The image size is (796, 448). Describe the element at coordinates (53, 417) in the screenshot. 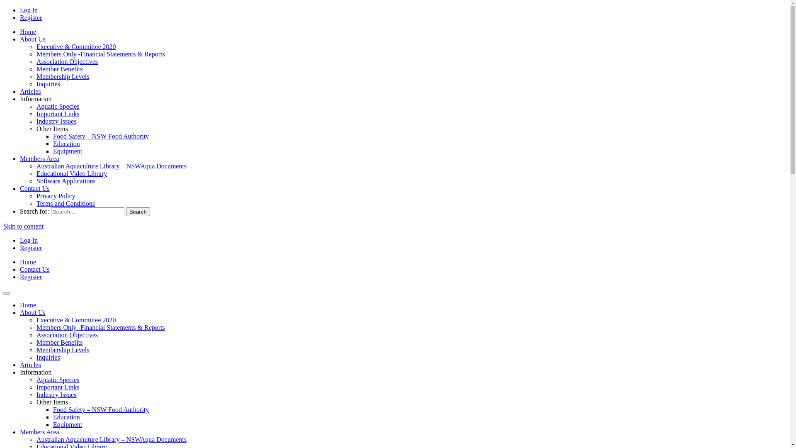

I see `'Education'` at that location.